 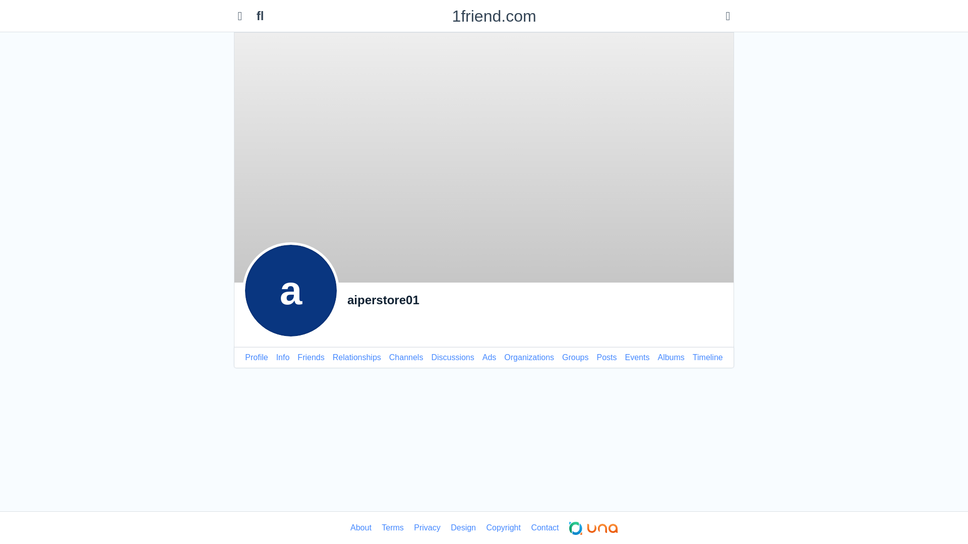 I want to click on 'About', so click(x=360, y=527).